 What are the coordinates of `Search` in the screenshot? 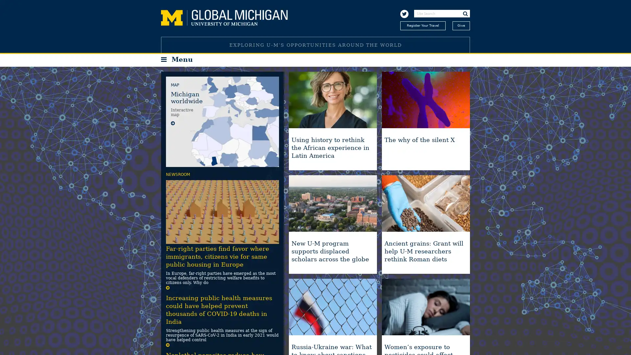 It's located at (465, 13).